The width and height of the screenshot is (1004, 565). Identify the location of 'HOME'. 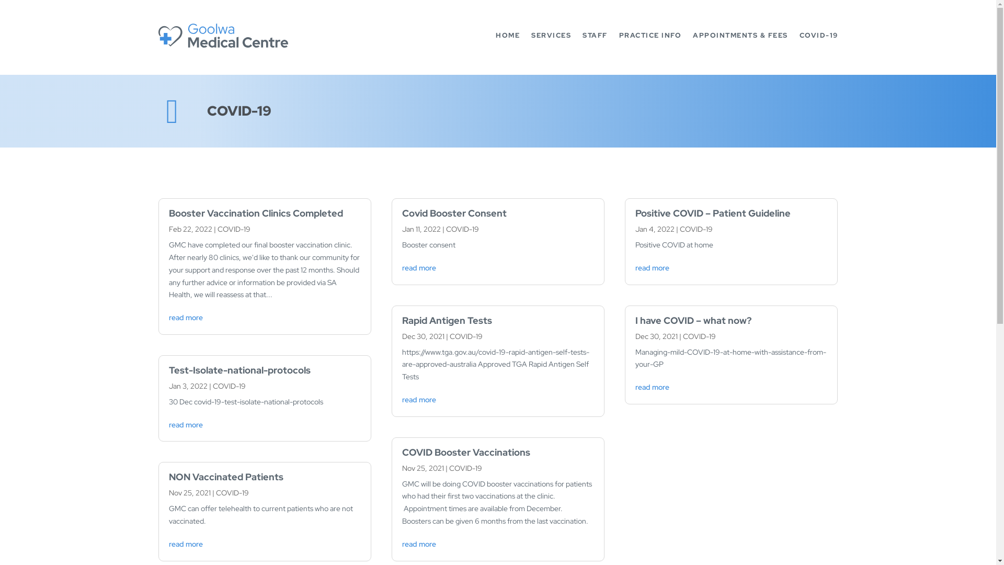
(507, 35).